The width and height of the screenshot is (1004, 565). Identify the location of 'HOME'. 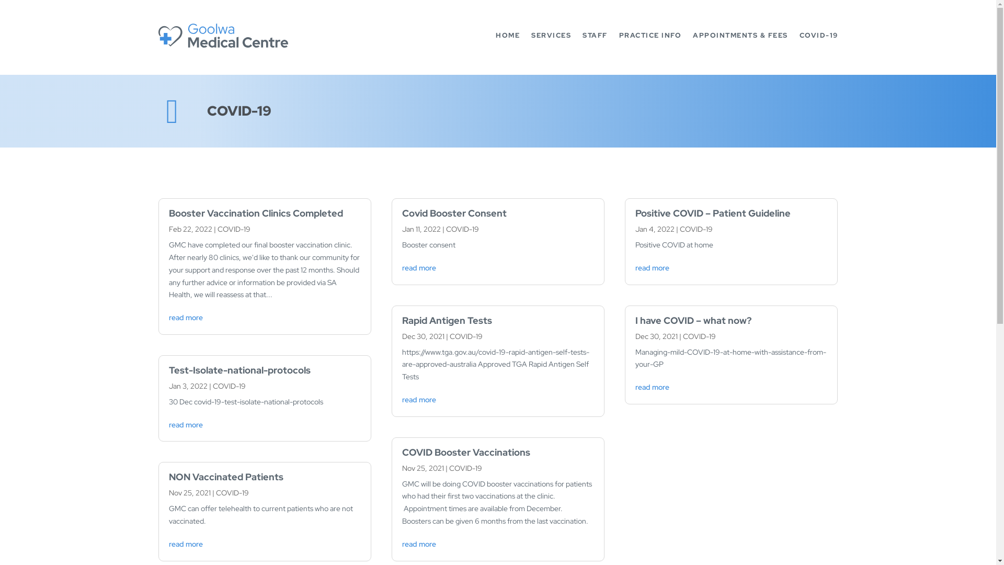
(507, 35).